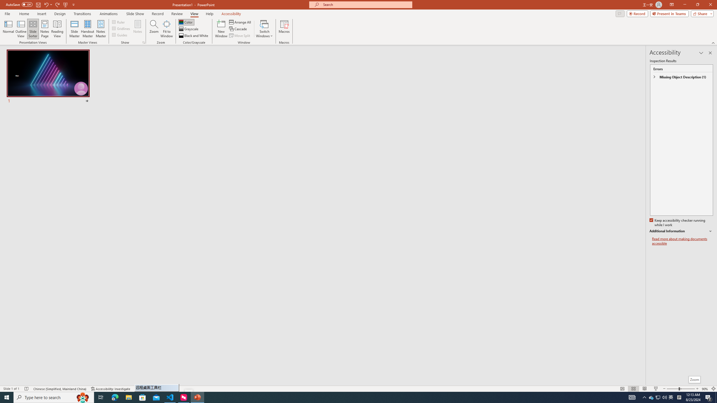 The width and height of the screenshot is (717, 403). What do you see at coordinates (45, 29) in the screenshot?
I see `'Notes Page'` at bounding box center [45, 29].